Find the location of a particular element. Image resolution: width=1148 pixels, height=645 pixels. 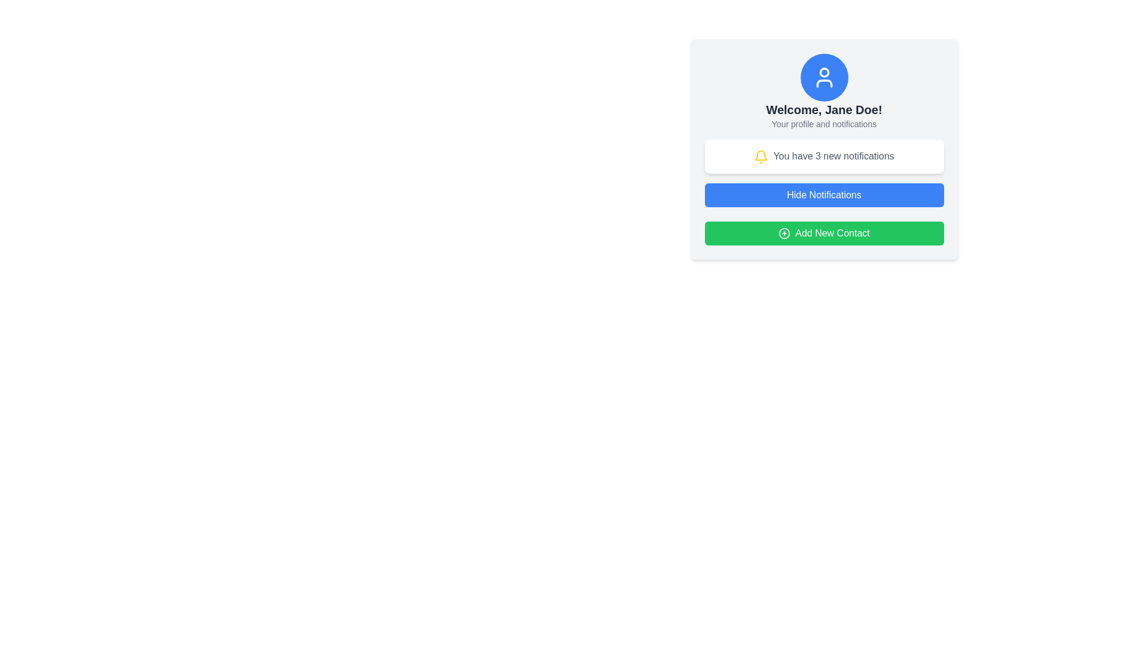

the bell icon representing notifications, which is located to the left of the text 'You have 3 new notifications' within a rounded white box is located at coordinates (761, 156).